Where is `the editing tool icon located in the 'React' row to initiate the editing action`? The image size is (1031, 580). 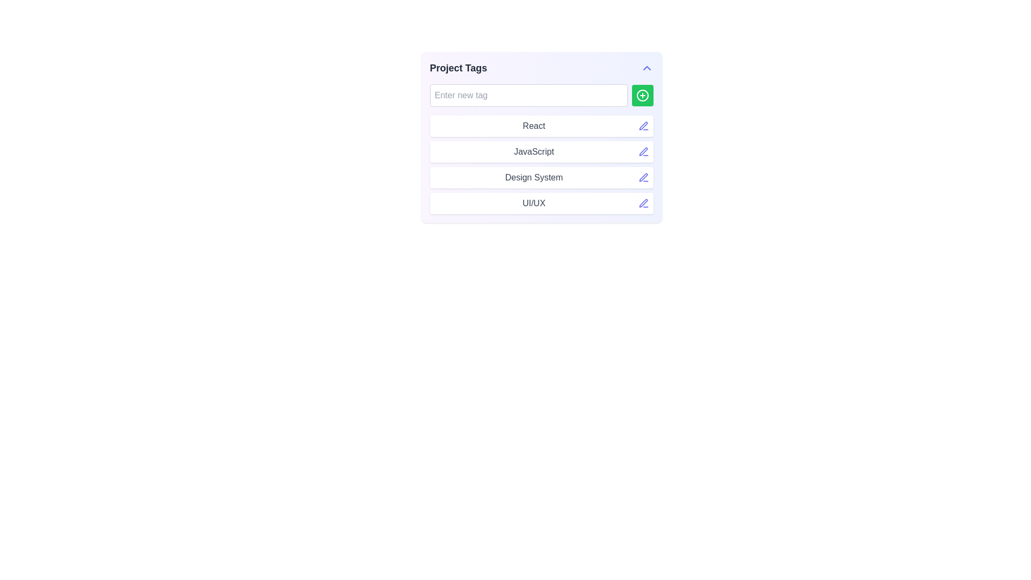 the editing tool icon located in the 'React' row to initiate the editing action is located at coordinates (643, 125).